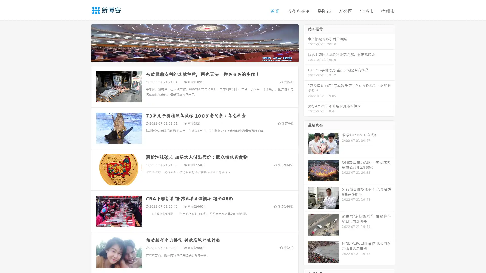 This screenshot has height=273, width=486. What do you see at coordinates (84, 42) in the screenshot?
I see `Previous slide` at bounding box center [84, 42].